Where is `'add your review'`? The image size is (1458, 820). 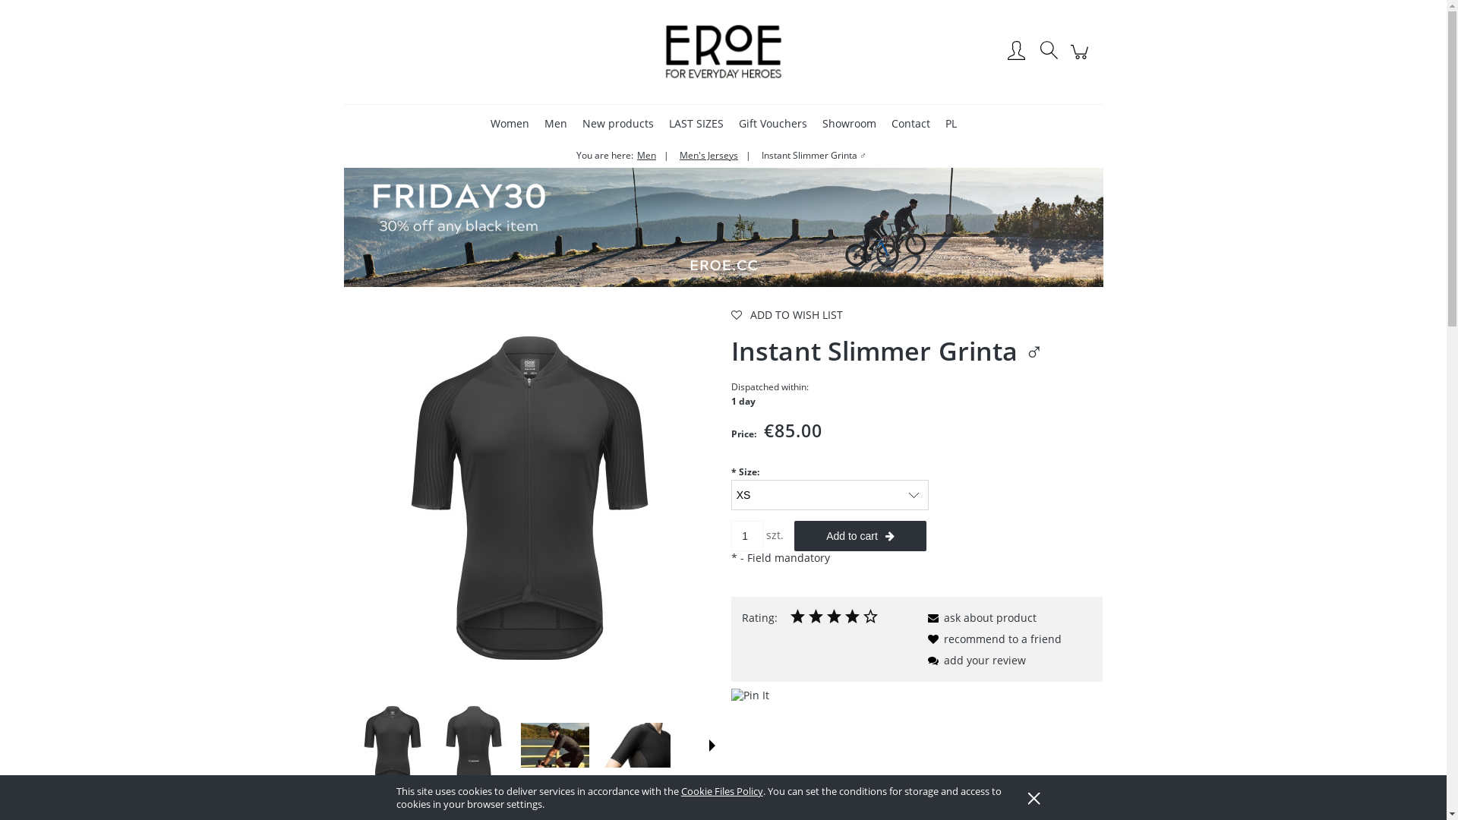 'add your review' is located at coordinates (974, 659).